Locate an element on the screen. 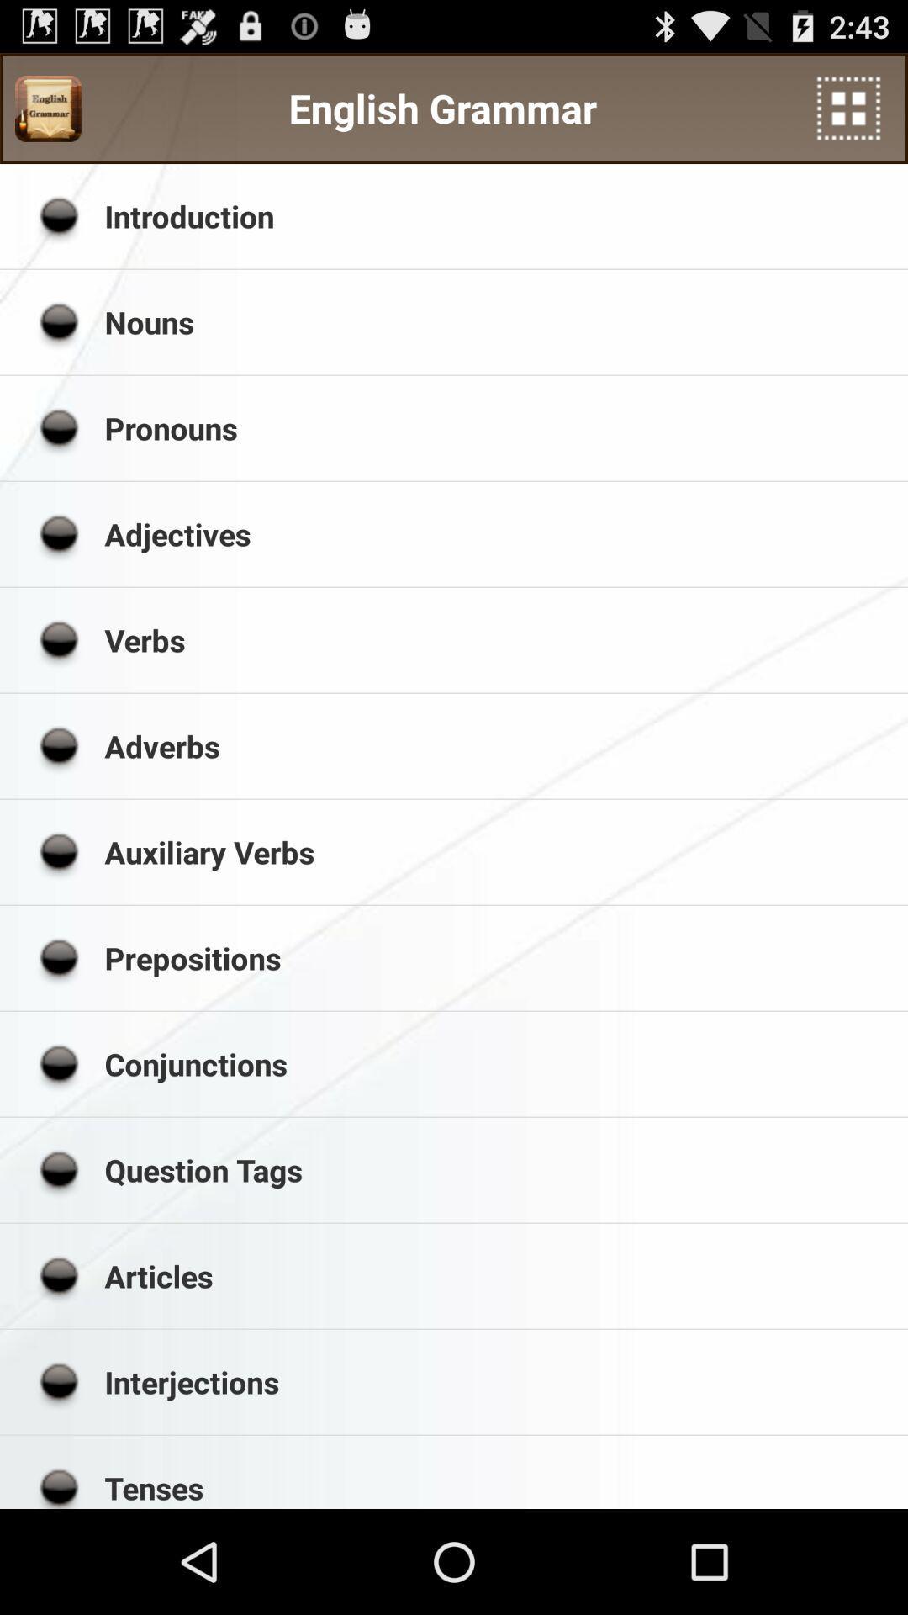 This screenshot has width=908, height=1615. icon above the tenses icon is located at coordinates (499, 1382).